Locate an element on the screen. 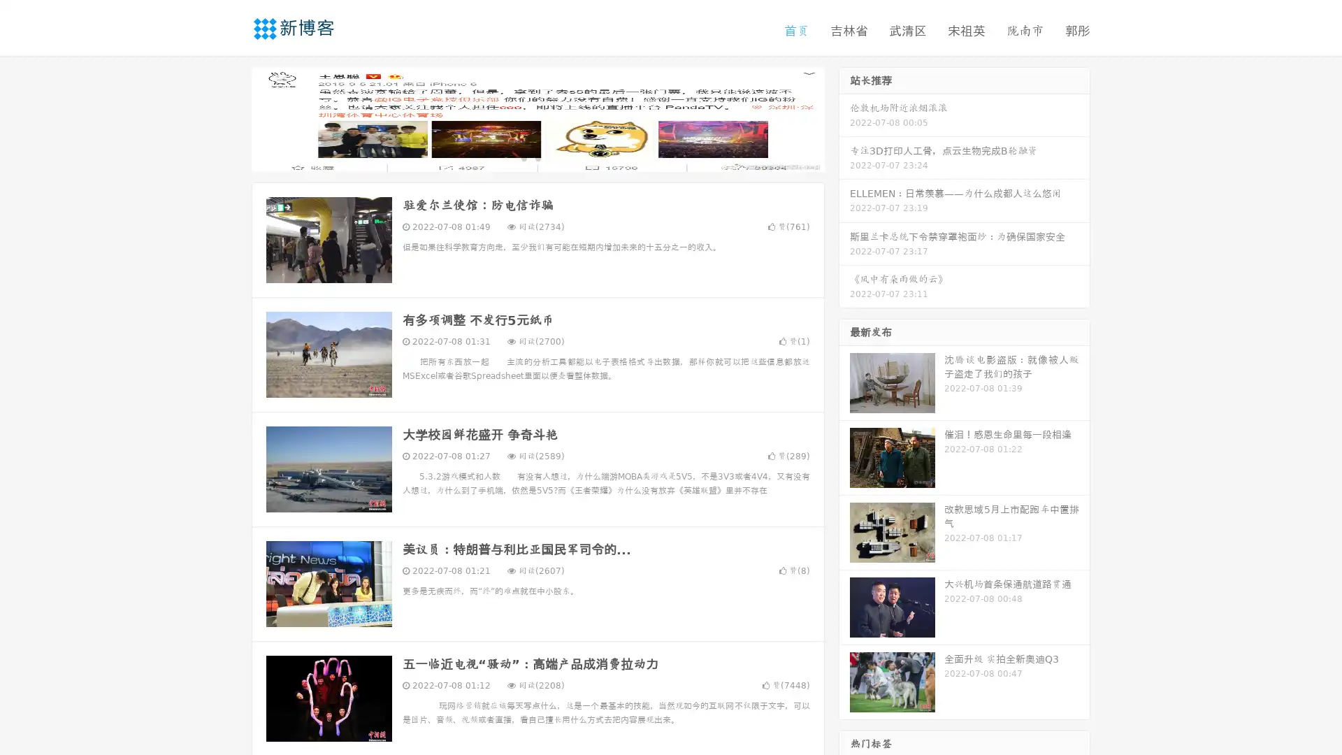 The image size is (1342, 755). Next slide is located at coordinates (844, 117).